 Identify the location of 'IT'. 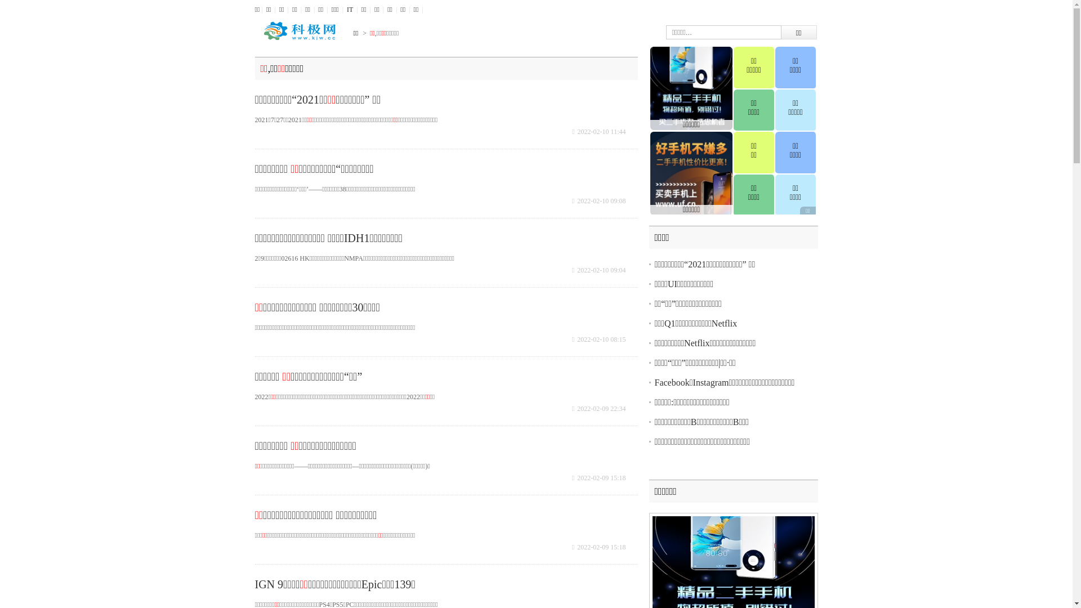
(345, 9).